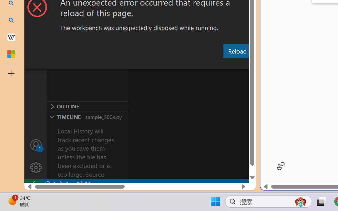 Image resolution: width=338 pixels, height=211 pixels. Describe the element at coordinates (237, 51) in the screenshot. I see `'Reload'` at that location.